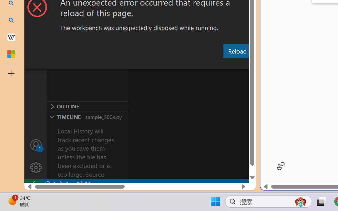 Image resolution: width=338 pixels, height=211 pixels. Describe the element at coordinates (237, 51) in the screenshot. I see `'Reload'` at that location.